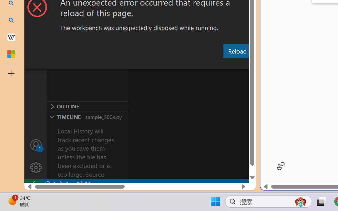 Image resolution: width=338 pixels, height=211 pixels. Describe the element at coordinates (237, 51) in the screenshot. I see `'Reload'` at that location.